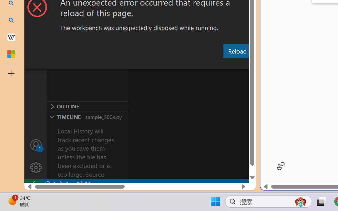 Image resolution: width=338 pixels, height=211 pixels. Describe the element at coordinates (237, 51) in the screenshot. I see `'Reload'` at that location.